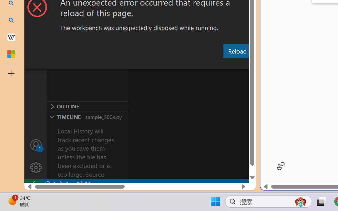 Image resolution: width=338 pixels, height=211 pixels. Describe the element at coordinates (237, 51) in the screenshot. I see `'Reload'` at that location.